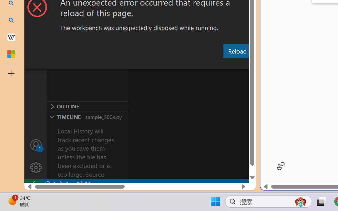 Image resolution: width=338 pixels, height=211 pixels. Describe the element at coordinates (237, 51) in the screenshot. I see `'Reload'` at that location.